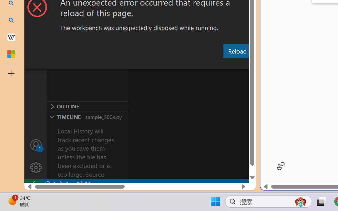 Image resolution: width=338 pixels, height=211 pixels. Describe the element at coordinates (237, 51) in the screenshot. I see `'Reload'` at that location.